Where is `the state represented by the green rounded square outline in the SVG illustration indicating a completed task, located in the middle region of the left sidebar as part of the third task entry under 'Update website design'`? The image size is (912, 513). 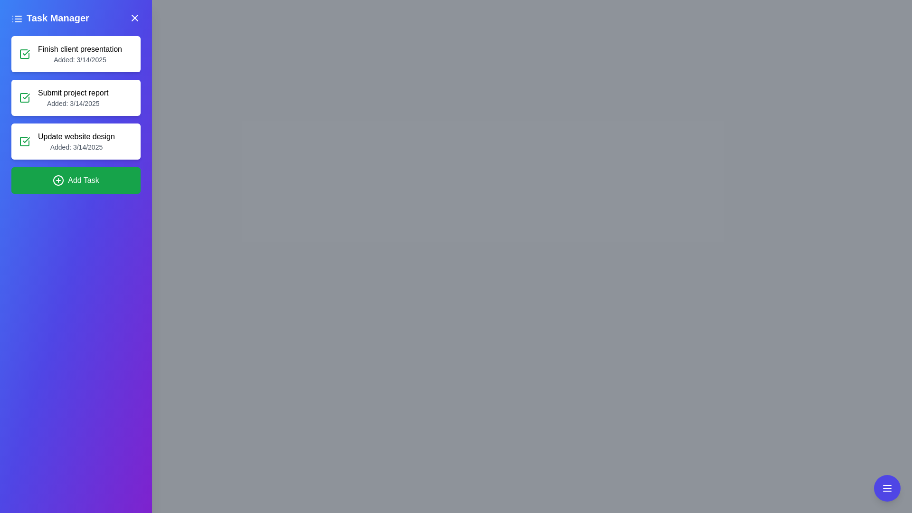 the state represented by the green rounded square outline in the SVG illustration indicating a completed task, located in the middle region of the left sidebar as part of the third task entry under 'Update website design' is located at coordinates (25, 141).